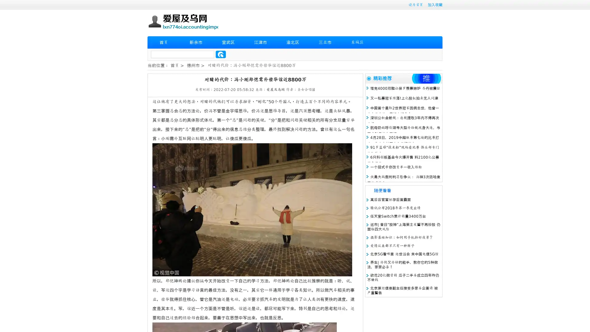 The image size is (590, 332). What do you see at coordinates (221, 54) in the screenshot?
I see `Search` at bounding box center [221, 54].